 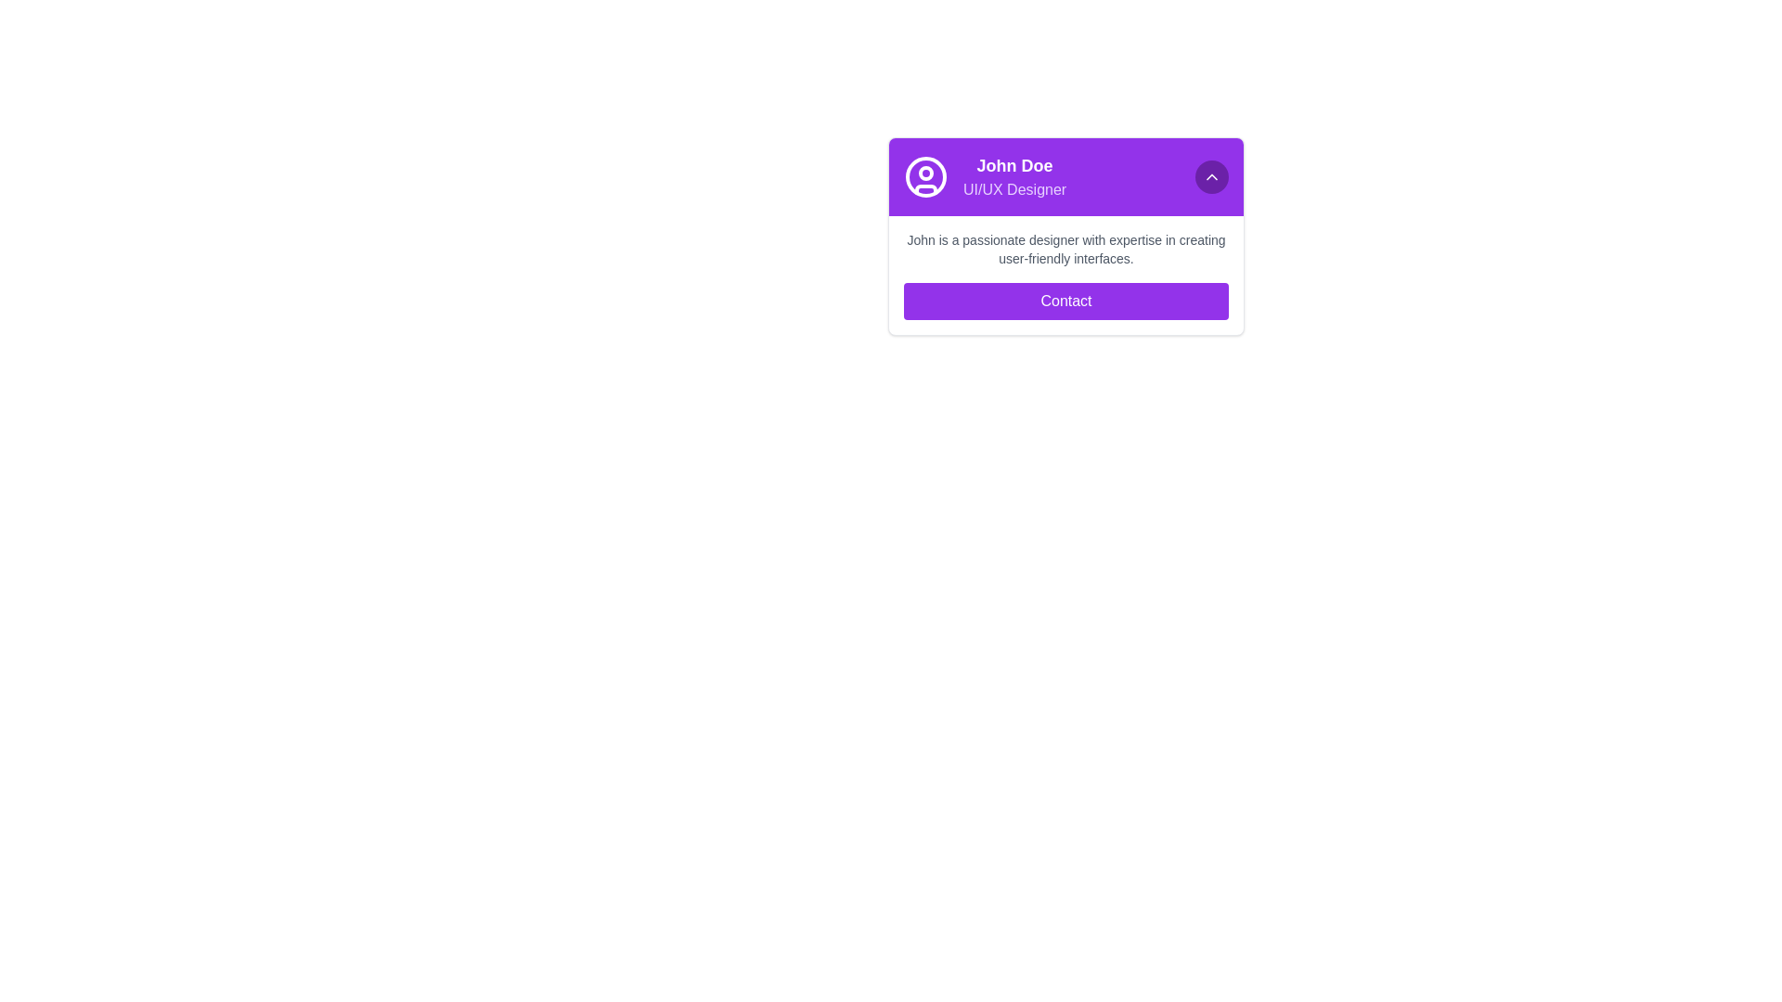 What do you see at coordinates (1065, 300) in the screenshot?
I see `the button located directly below the text 'John is a passionate designer with expertise in creating user-friendly interfaces.'` at bounding box center [1065, 300].